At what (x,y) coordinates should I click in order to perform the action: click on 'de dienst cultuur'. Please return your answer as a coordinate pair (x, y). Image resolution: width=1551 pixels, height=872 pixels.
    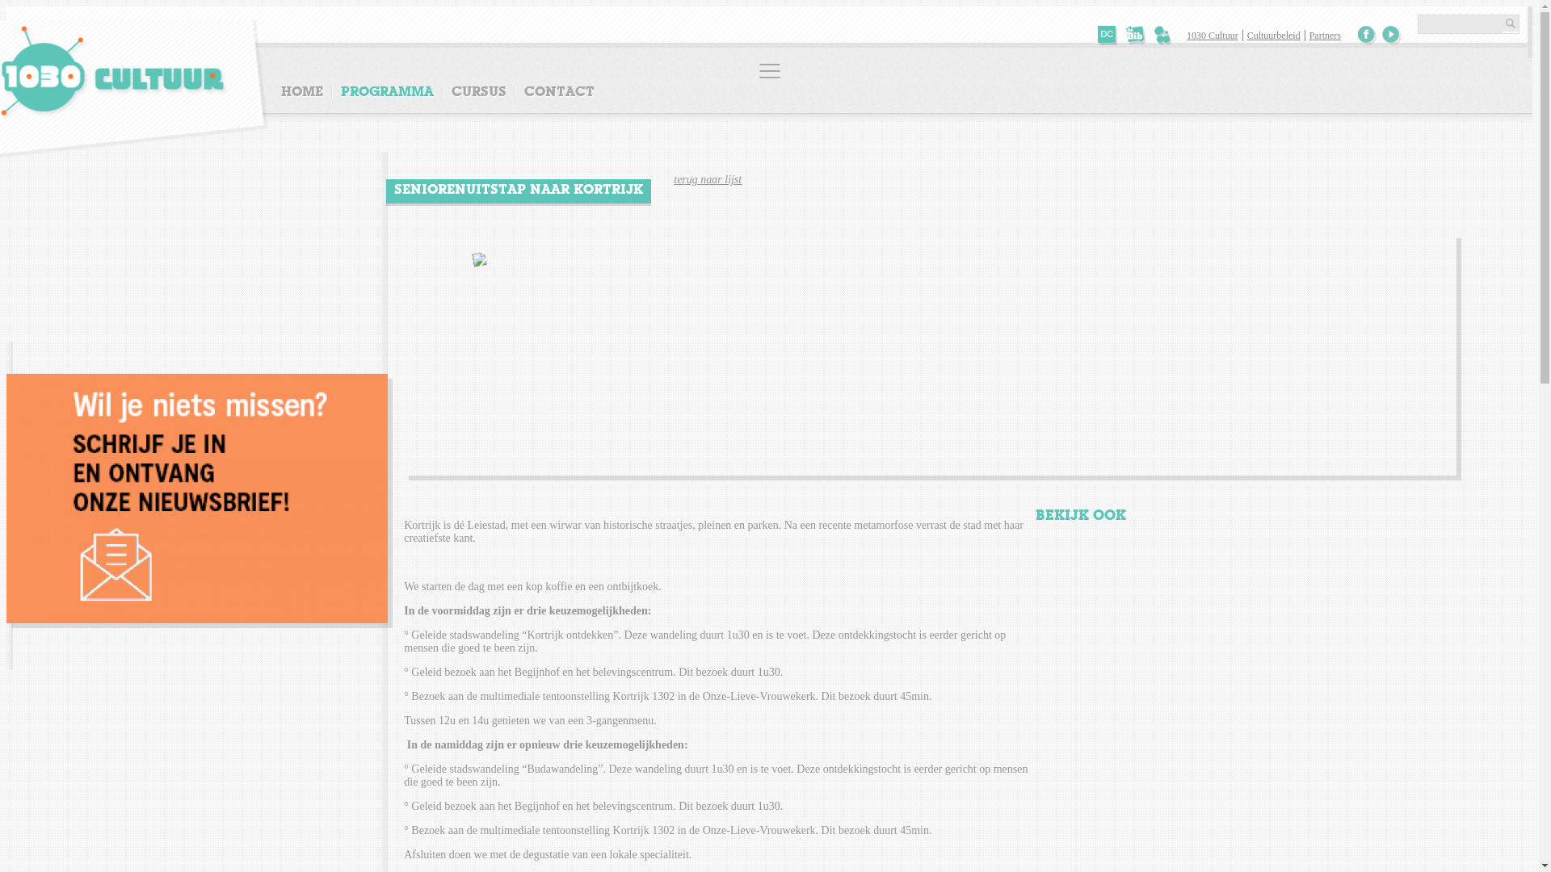
    Looking at the image, I should click on (1107, 36).